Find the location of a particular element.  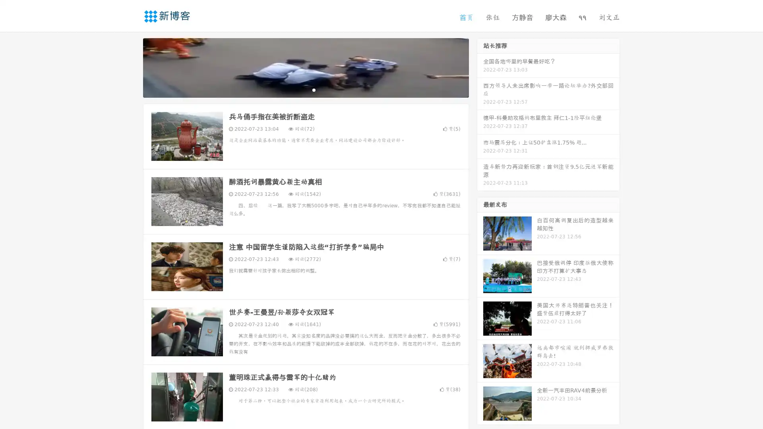

Go to slide 1 is located at coordinates (297, 89).